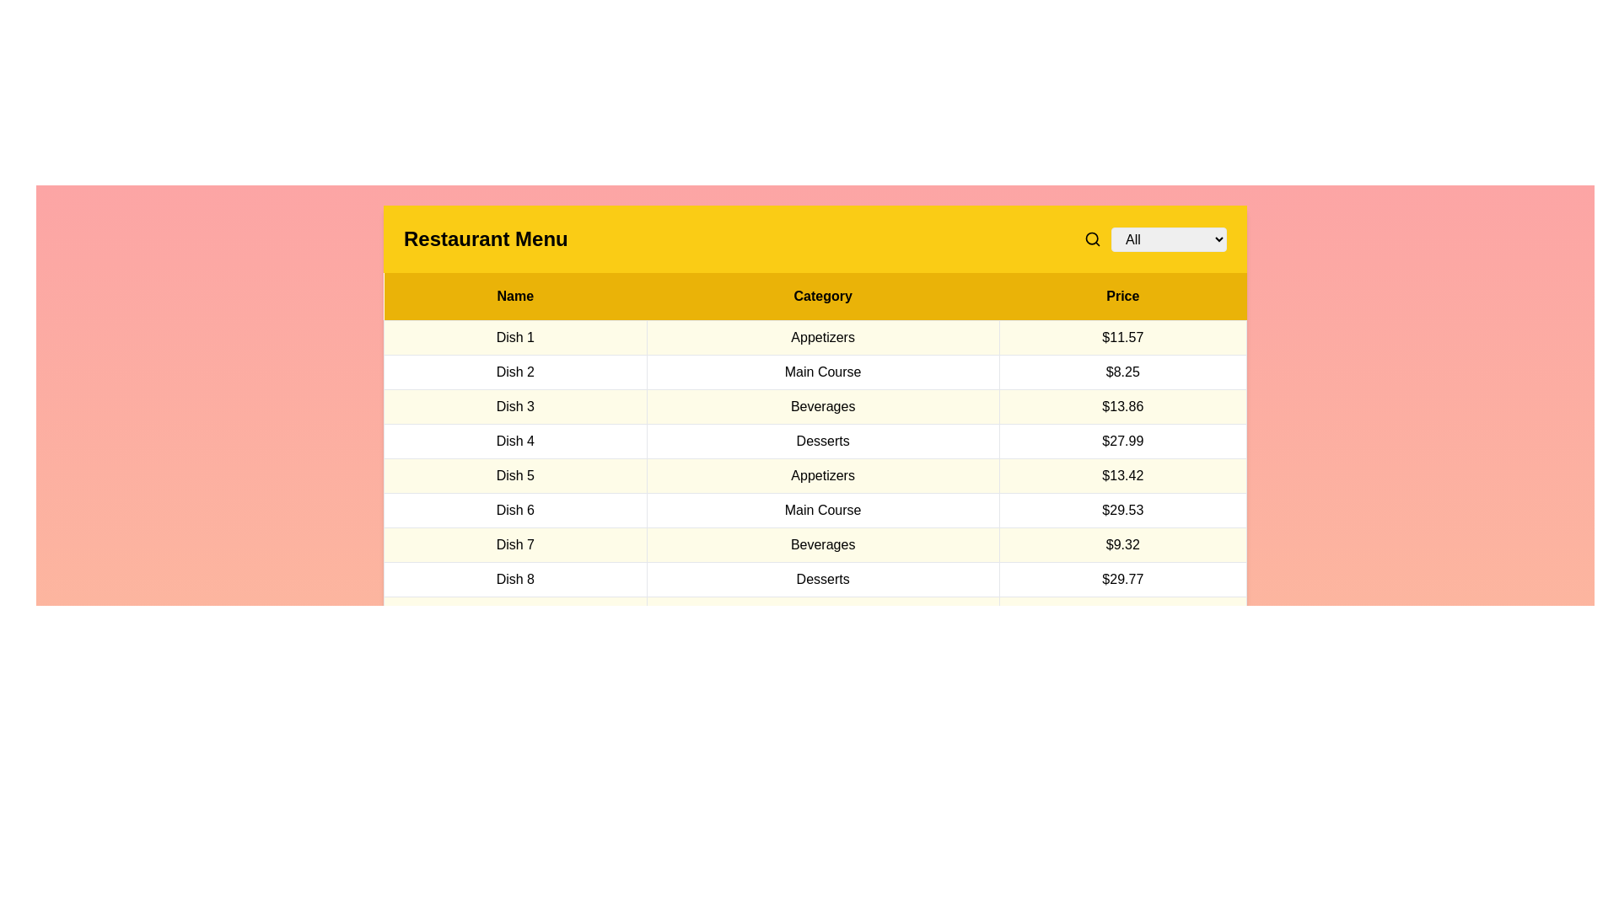 This screenshot has height=910, width=1619. Describe the element at coordinates (1168, 239) in the screenshot. I see `the category Desserts in the dropdown menu` at that location.